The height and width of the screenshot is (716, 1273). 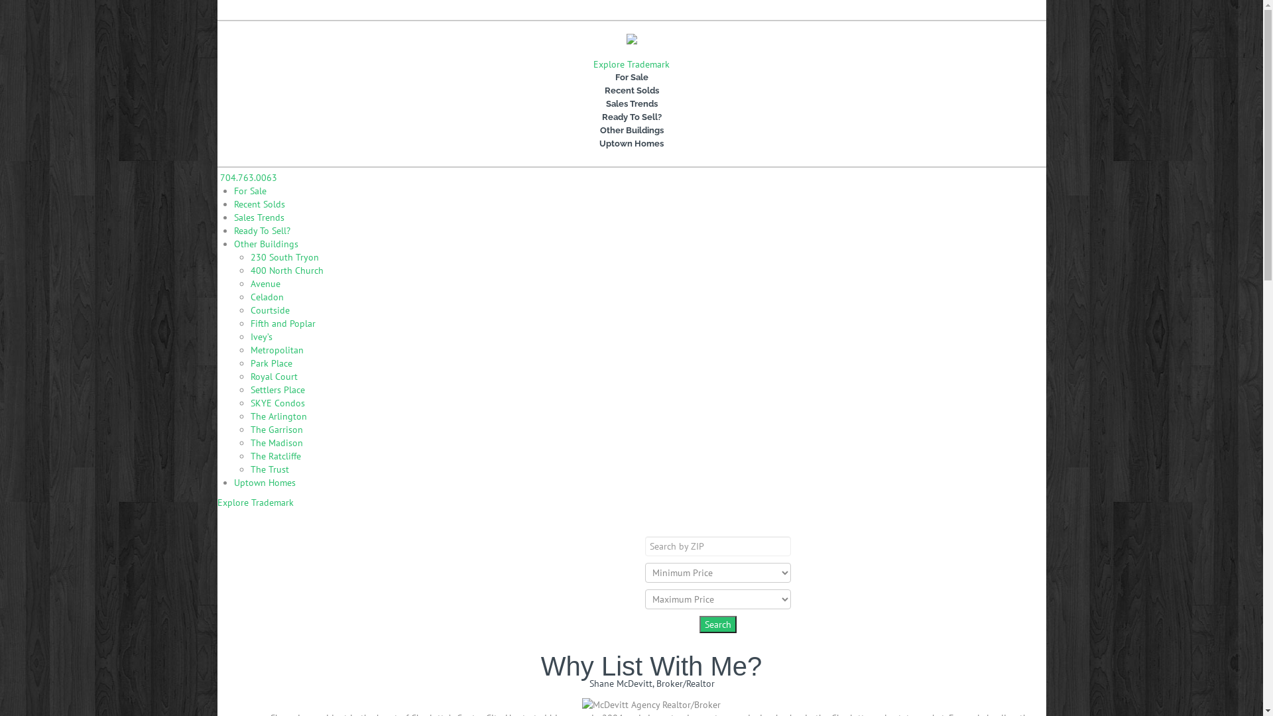 What do you see at coordinates (631, 77) in the screenshot?
I see `'For Sale'` at bounding box center [631, 77].